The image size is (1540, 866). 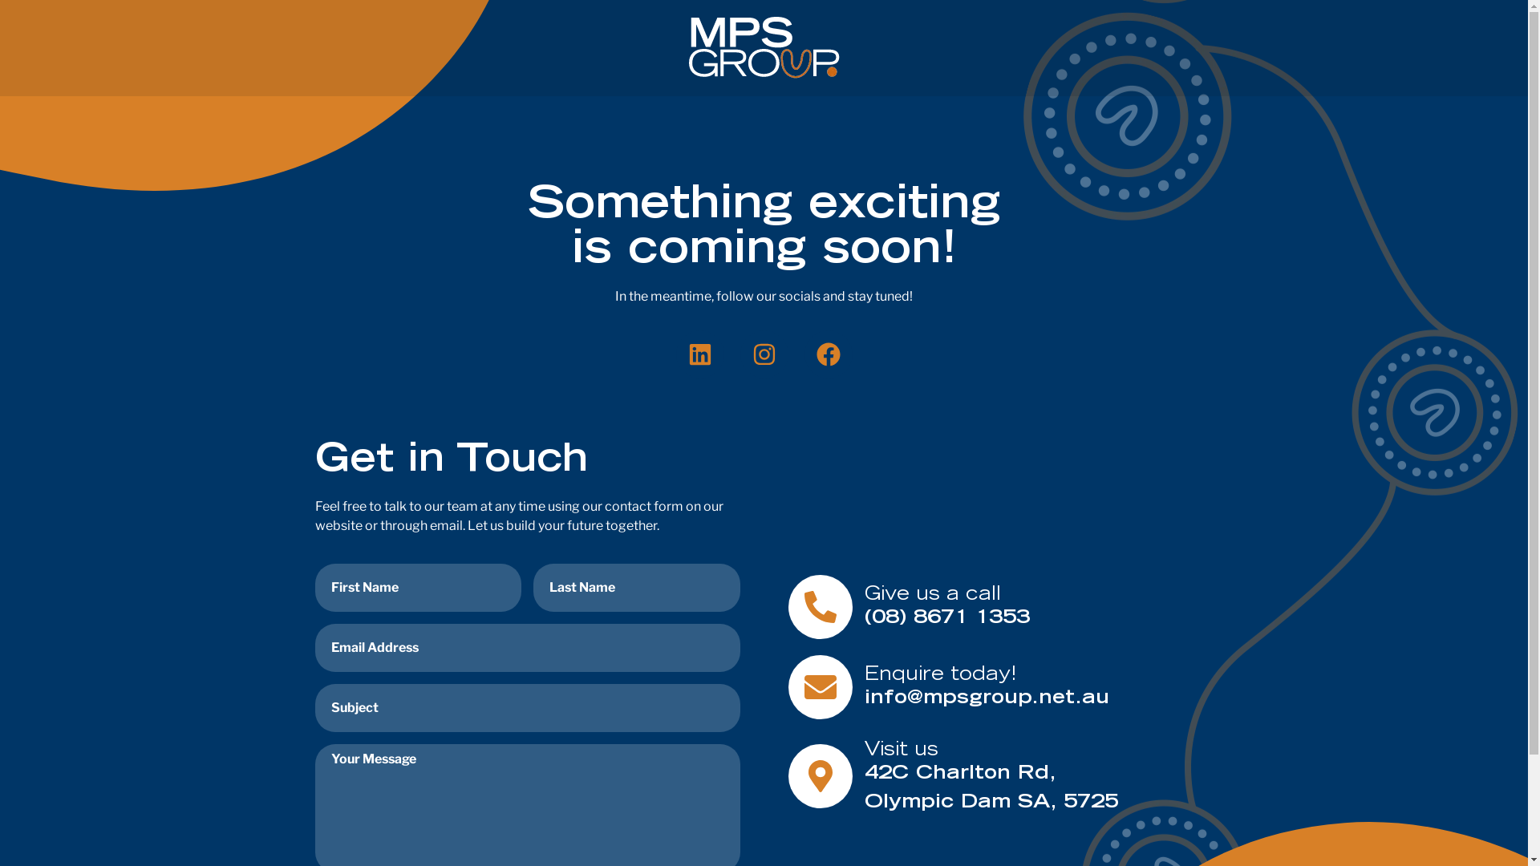 What do you see at coordinates (932, 595) in the screenshot?
I see `'Give us a call'` at bounding box center [932, 595].